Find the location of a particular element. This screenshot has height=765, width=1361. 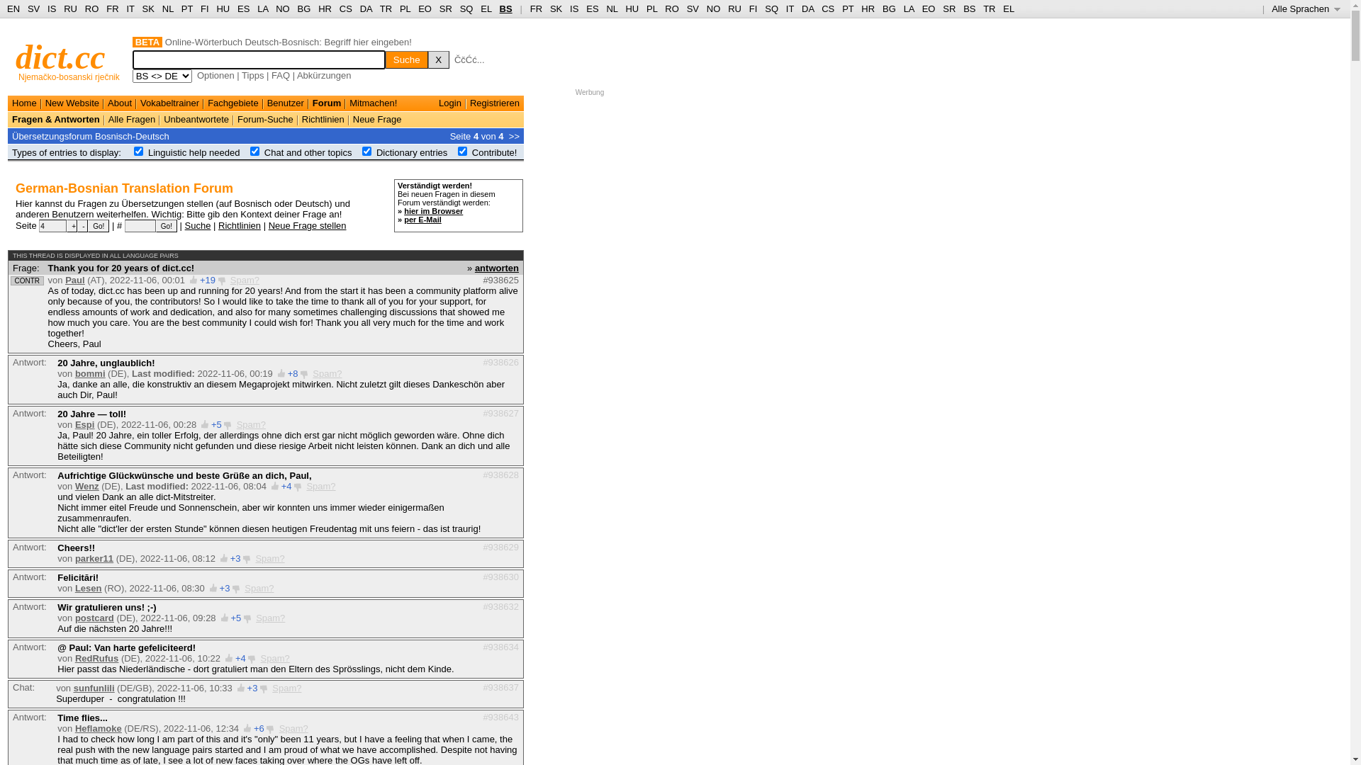

'Heflamoke' is located at coordinates (74, 728).